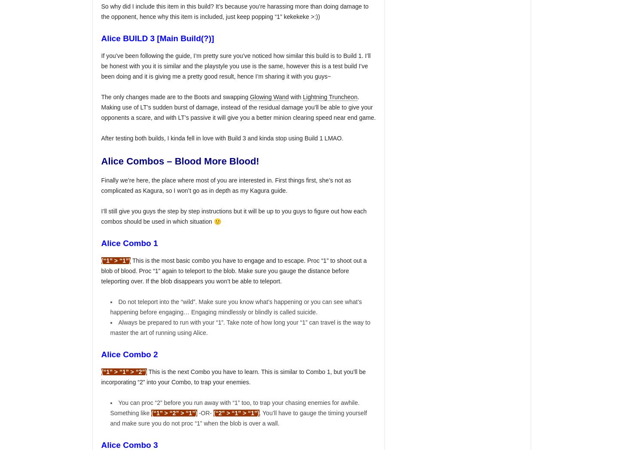 The height and width of the screenshot is (450, 623). Describe the element at coordinates (196, 412) in the screenshot. I see `'-OR-'` at that location.